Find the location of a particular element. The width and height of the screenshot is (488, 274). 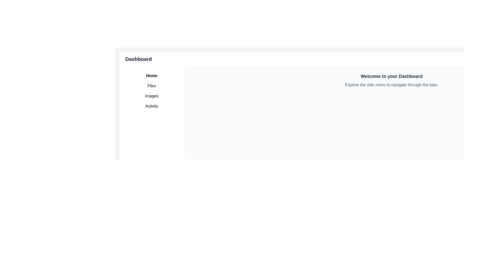

the 'Activity' text label, which is the fourth item in the vertical navigation menu, located beneath 'Images' is located at coordinates (151, 106).